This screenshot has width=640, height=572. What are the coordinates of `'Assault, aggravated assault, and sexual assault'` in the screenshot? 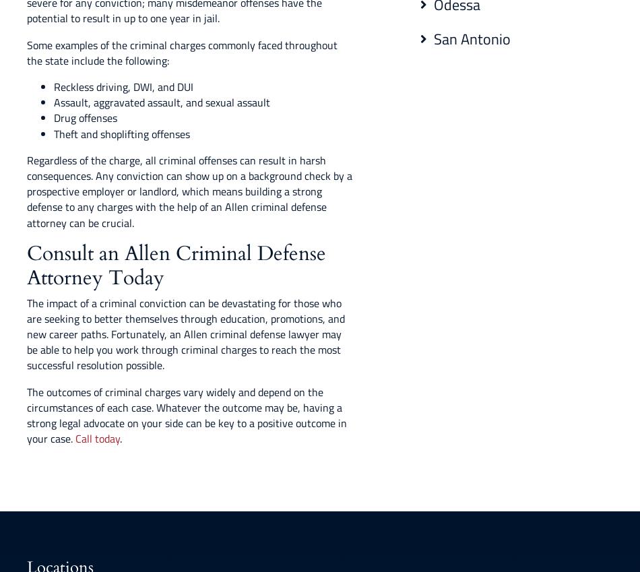 It's located at (161, 102).